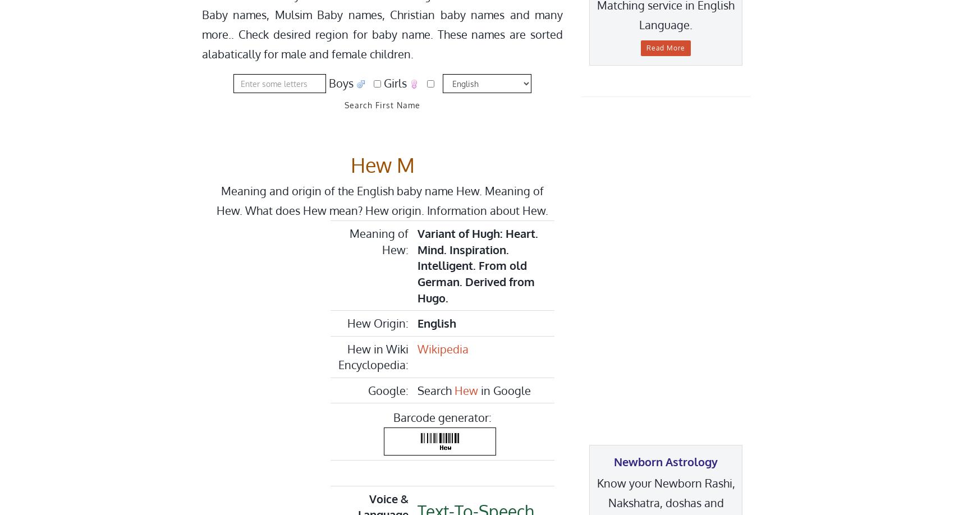 The width and height of the screenshot is (954, 515). Describe the element at coordinates (342, 81) in the screenshot. I see `'Boys'` at that location.